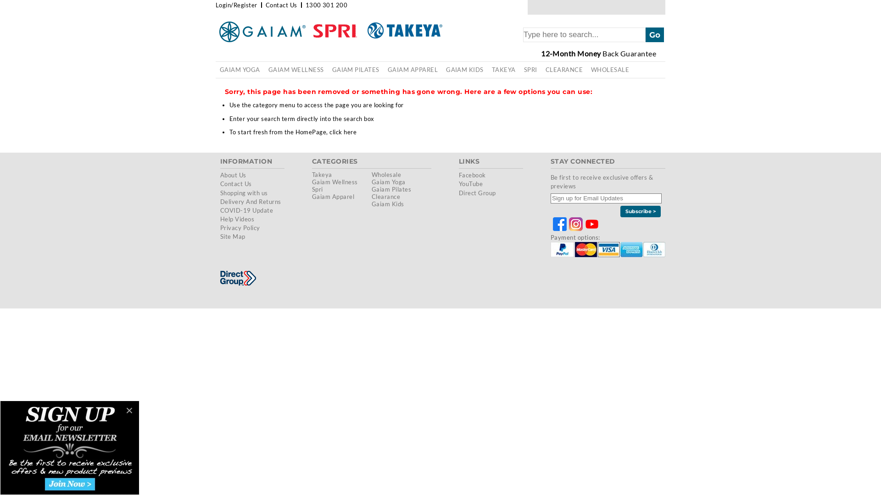  Describe the element at coordinates (471, 184) in the screenshot. I see `'YouTube'` at that location.